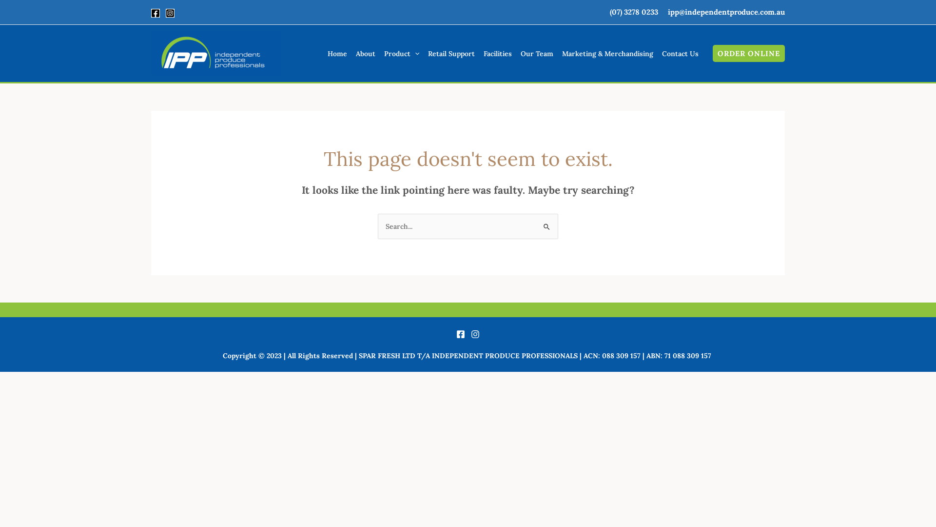  Describe the element at coordinates (516, 54) in the screenshot. I see `'Our Team'` at that location.